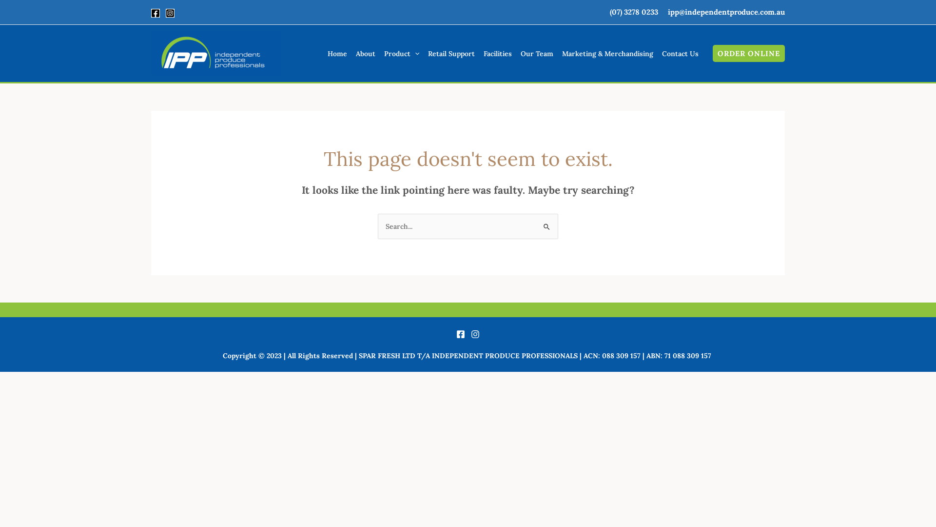  Describe the element at coordinates (516, 54) in the screenshot. I see `'Our Team'` at that location.